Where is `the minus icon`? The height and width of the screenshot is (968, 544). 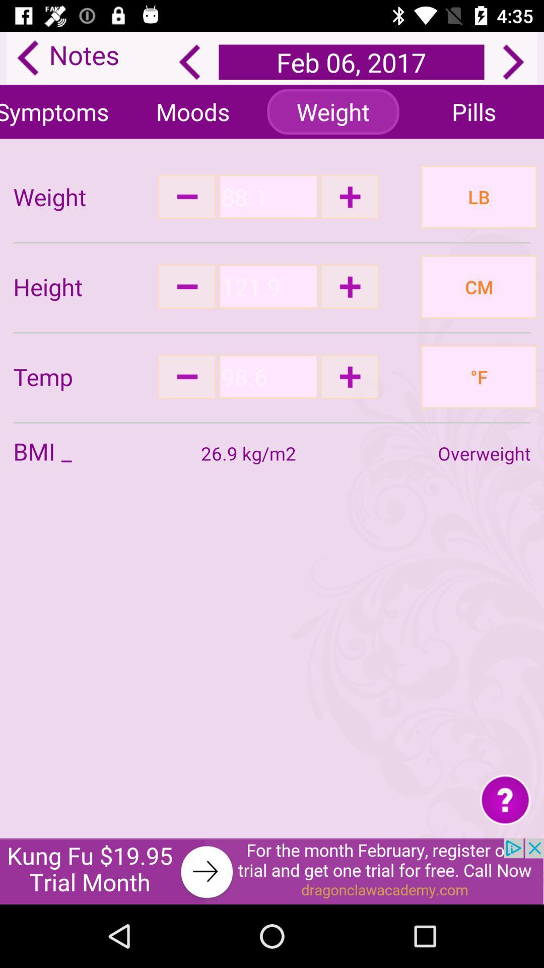 the minus icon is located at coordinates (187, 376).